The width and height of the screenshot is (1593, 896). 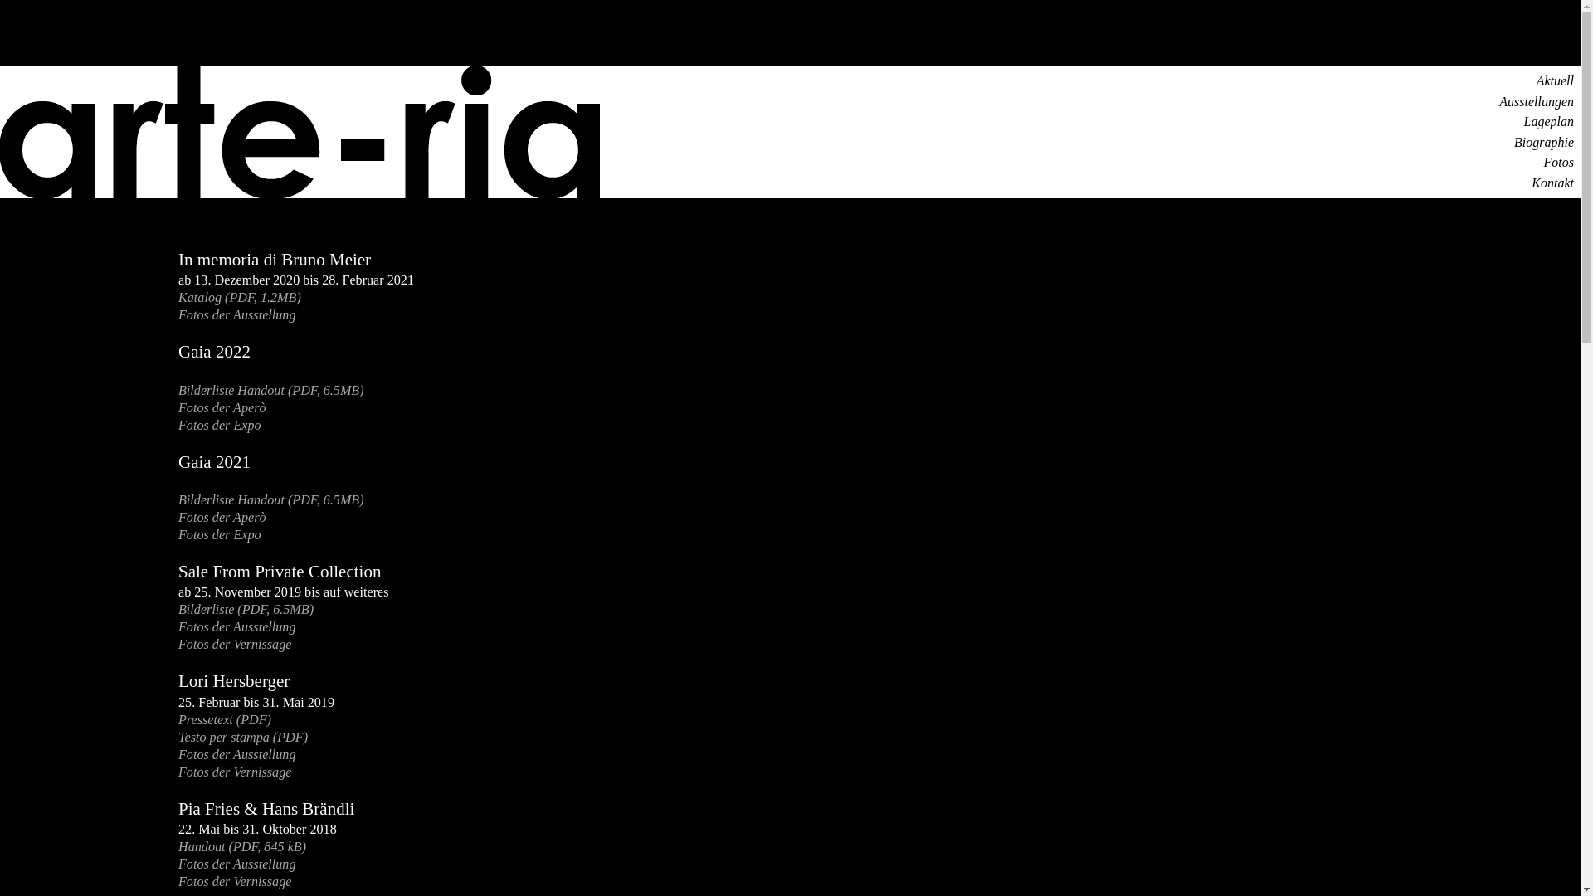 What do you see at coordinates (270, 499) in the screenshot?
I see `'Bilderliste Handout (PDF, 6.5MB)'` at bounding box center [270, 499].